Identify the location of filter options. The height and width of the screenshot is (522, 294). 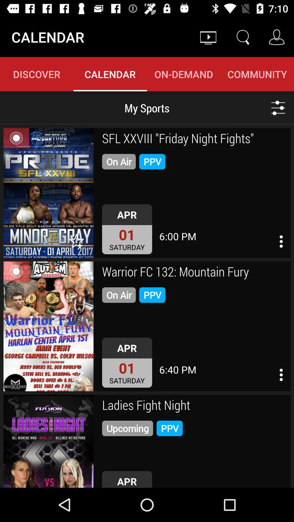
(278, 108).